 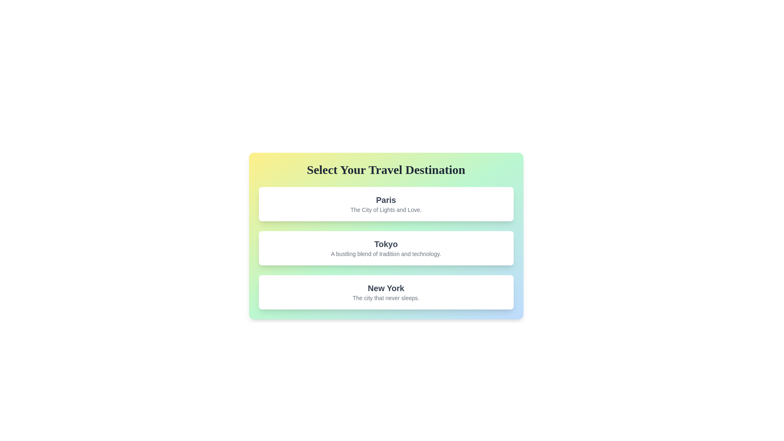 I want to click on the descriptive text element providing additional details about the option 'New York' located below the 'New York' text in the third option card, so click(x=385, y=298).